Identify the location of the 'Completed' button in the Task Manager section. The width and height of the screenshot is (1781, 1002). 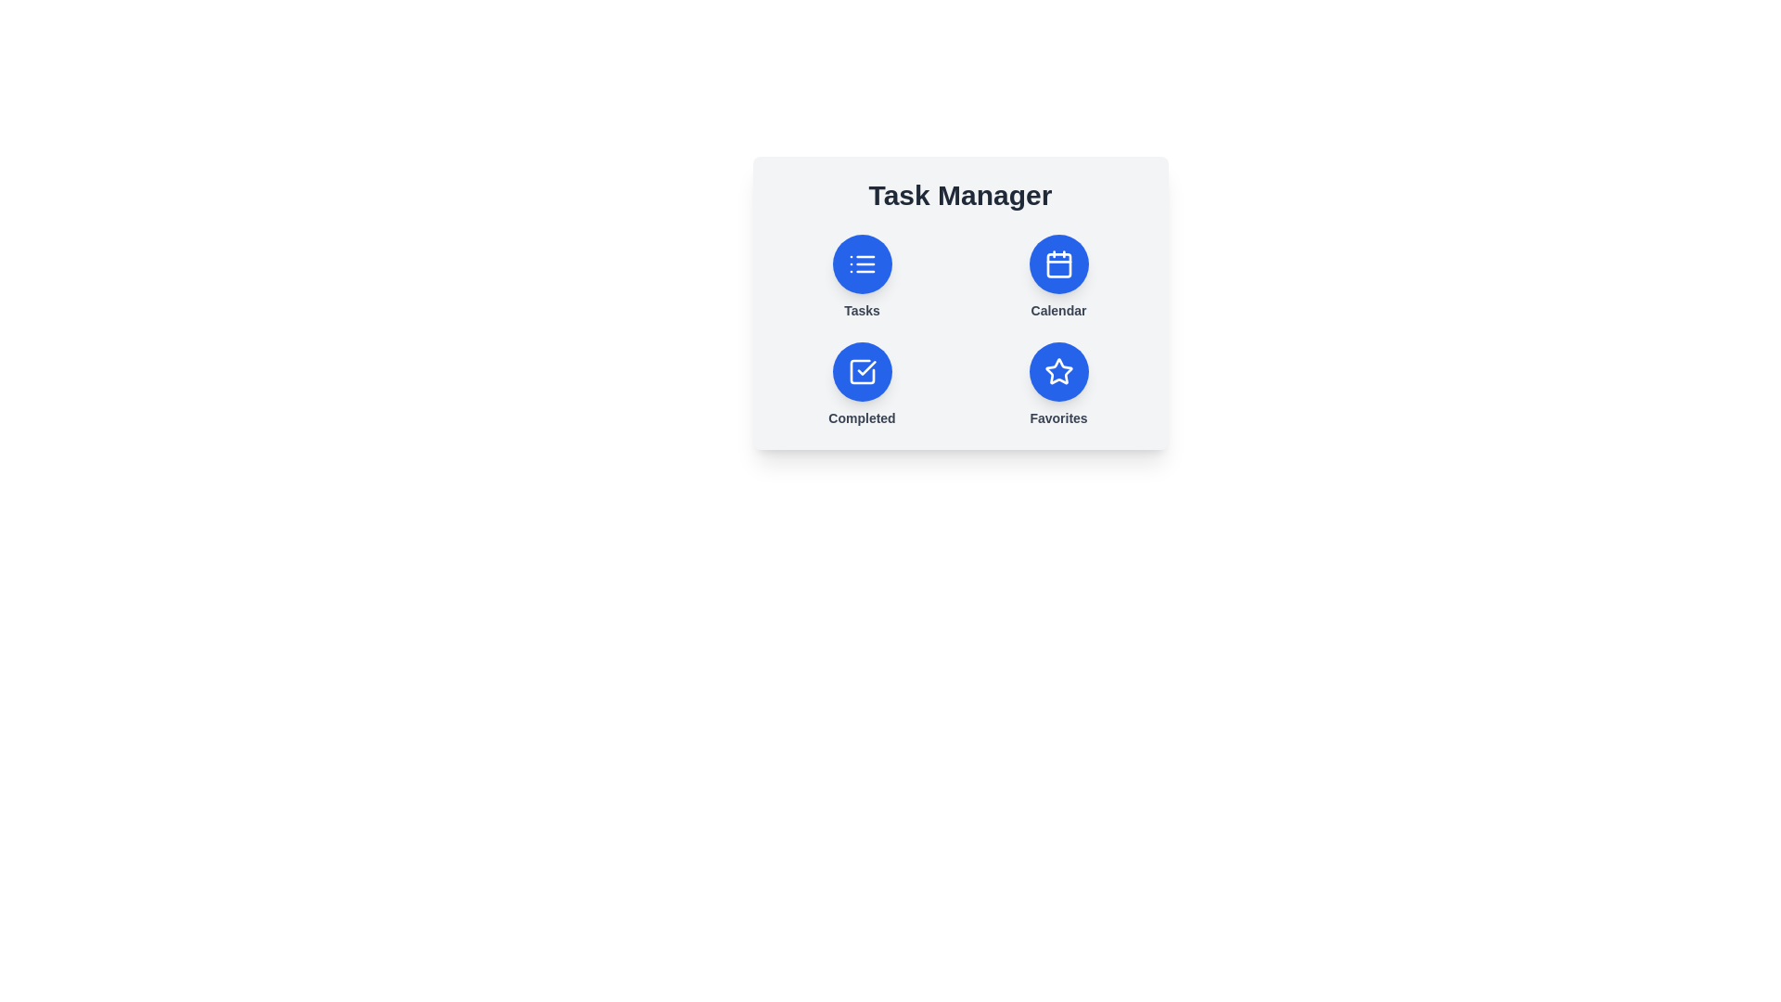
(861, 384).